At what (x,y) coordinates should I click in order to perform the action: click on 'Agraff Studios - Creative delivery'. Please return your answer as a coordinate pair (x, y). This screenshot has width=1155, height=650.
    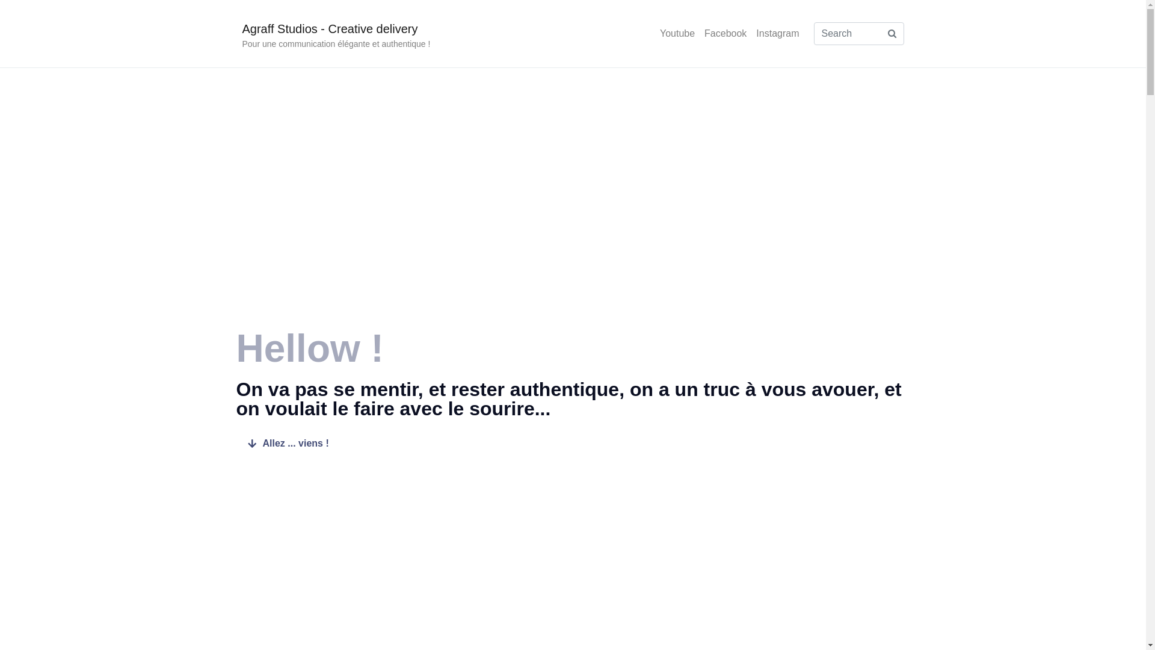
    Looking at the image, I should click on (329, 28).